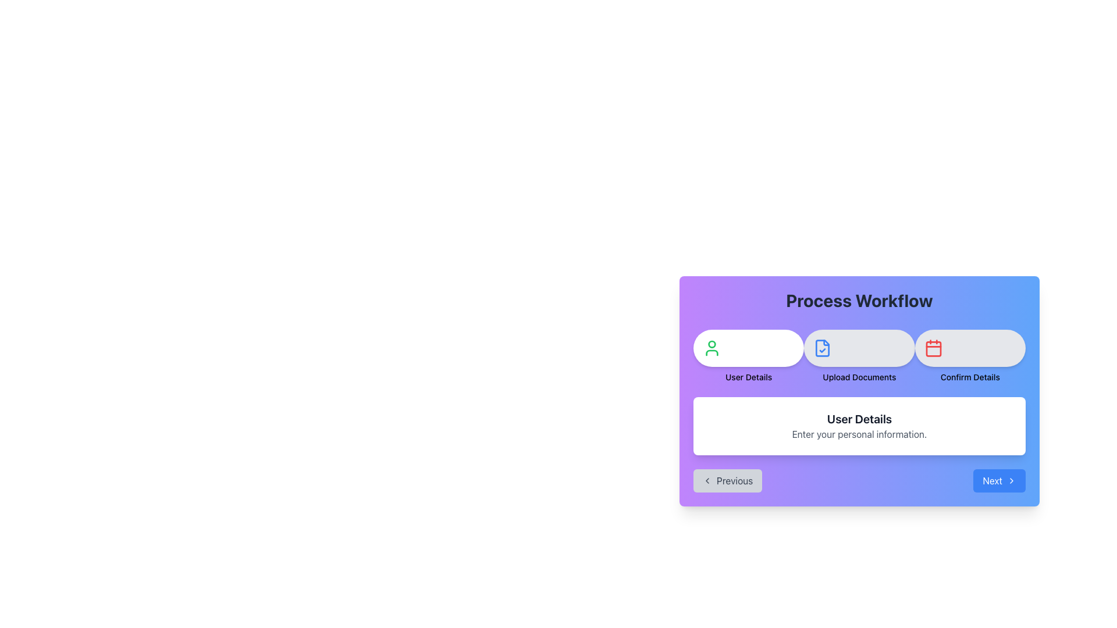 The height and width of the screenshot is (628, 1117). I want to click on the 'User Details' button, which is the leftmost button in a row of three, so click(749, 347).